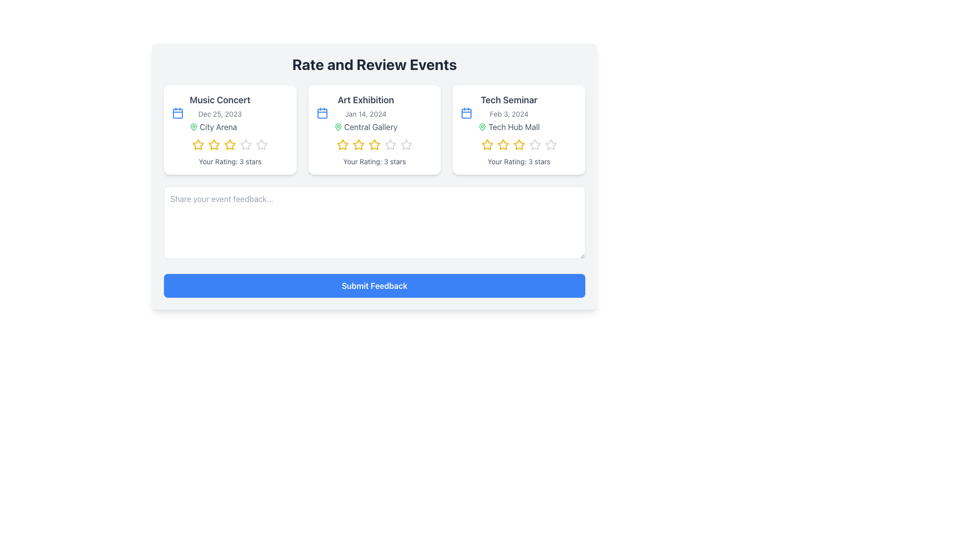  What do you see at coordinates (482, 126) in the screenshot?
I see `the location pin icon representing the 'Tech Hub Mall' event, which is positioned to the left of the text 'Tech Hub Mall' within the section card` at bounding box center [482, 126].